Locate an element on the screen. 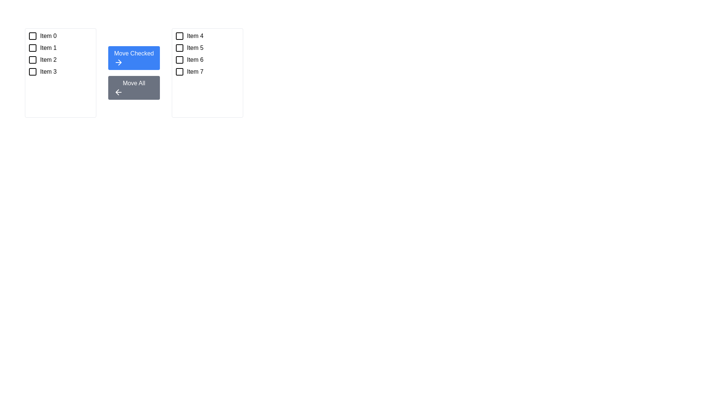  the checkbox associated with 'Item 6' is located at coordinates (179, 60).